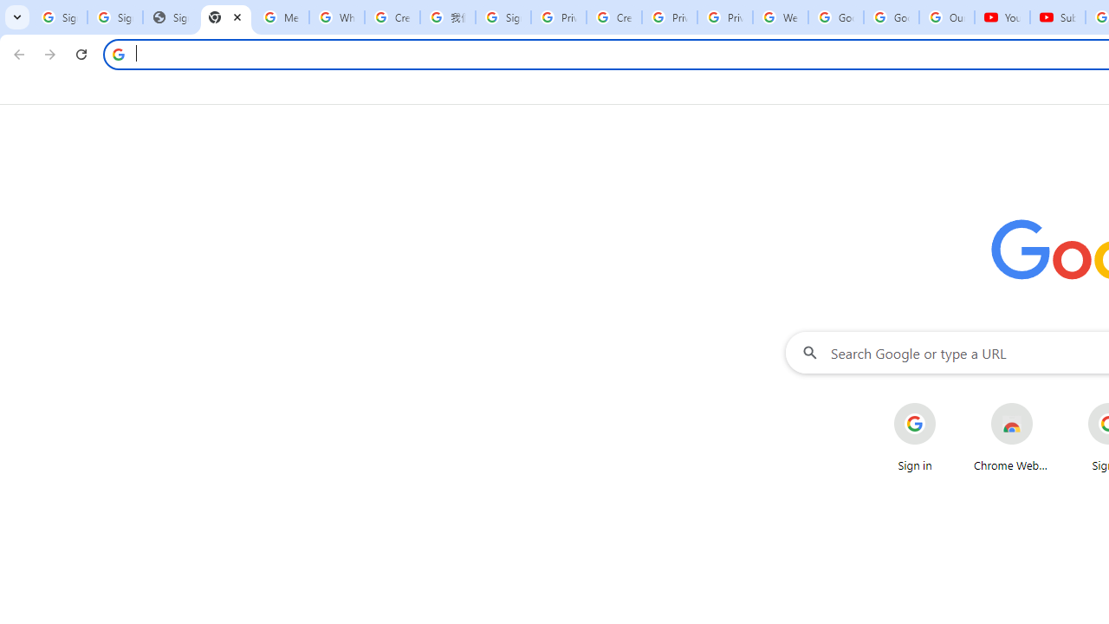 Image resolution: width=1109 pixels, height=624 pixels. Describe the element at coordinates (50, 53) in the screenshot. I see `'Forward'` at that location.